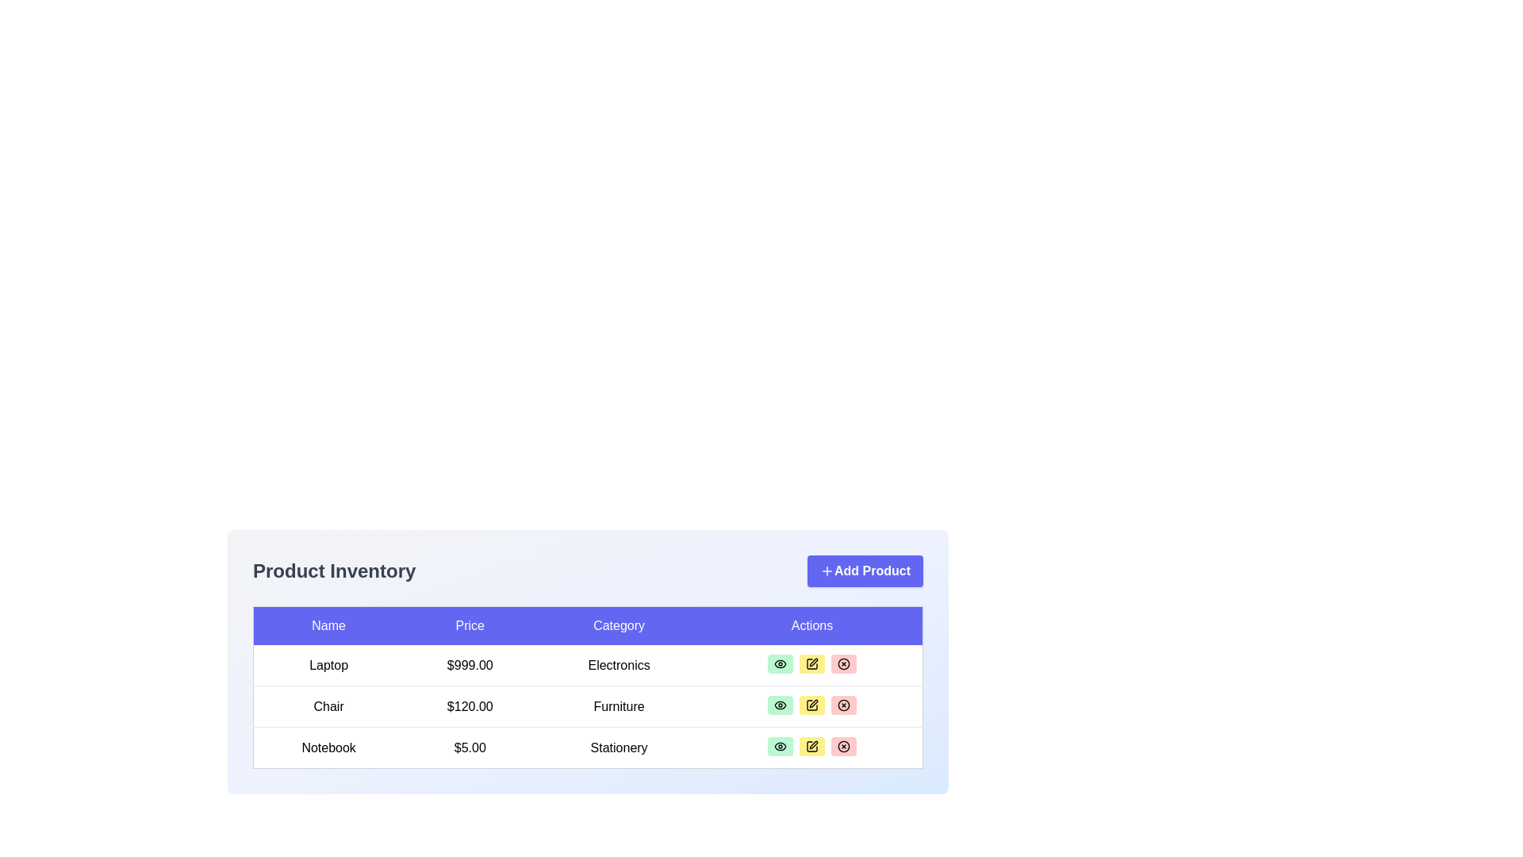  Describe the element at coordinates (780, 704) in the screenshot. I see `the green, eye-shaped icon button located in the 'Actions' column for the 'Chair' row` at that location.